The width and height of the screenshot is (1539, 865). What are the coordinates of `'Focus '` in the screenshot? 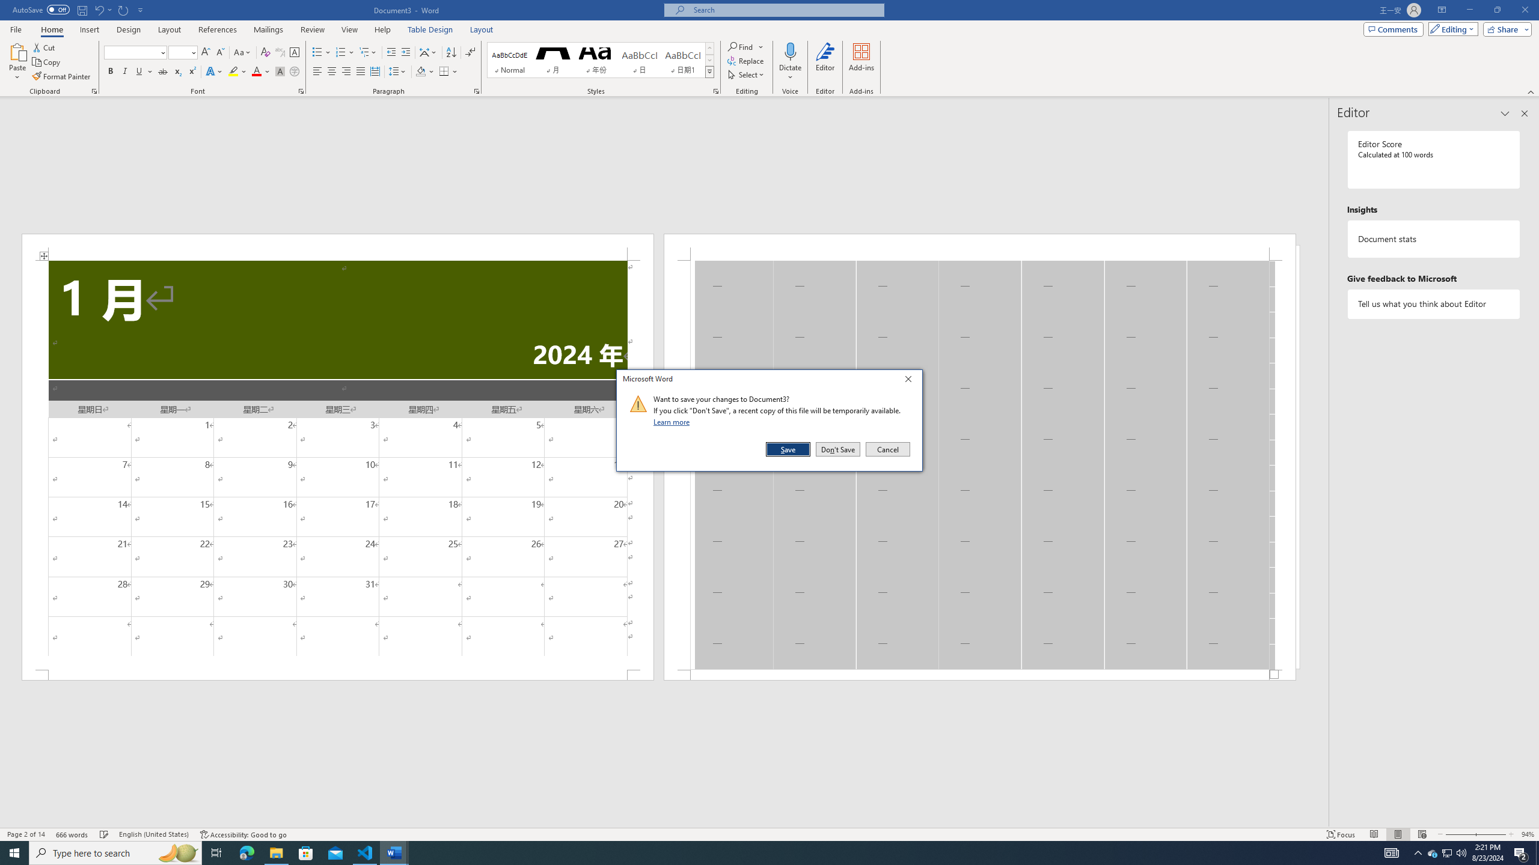 It's located at (1341, 834).